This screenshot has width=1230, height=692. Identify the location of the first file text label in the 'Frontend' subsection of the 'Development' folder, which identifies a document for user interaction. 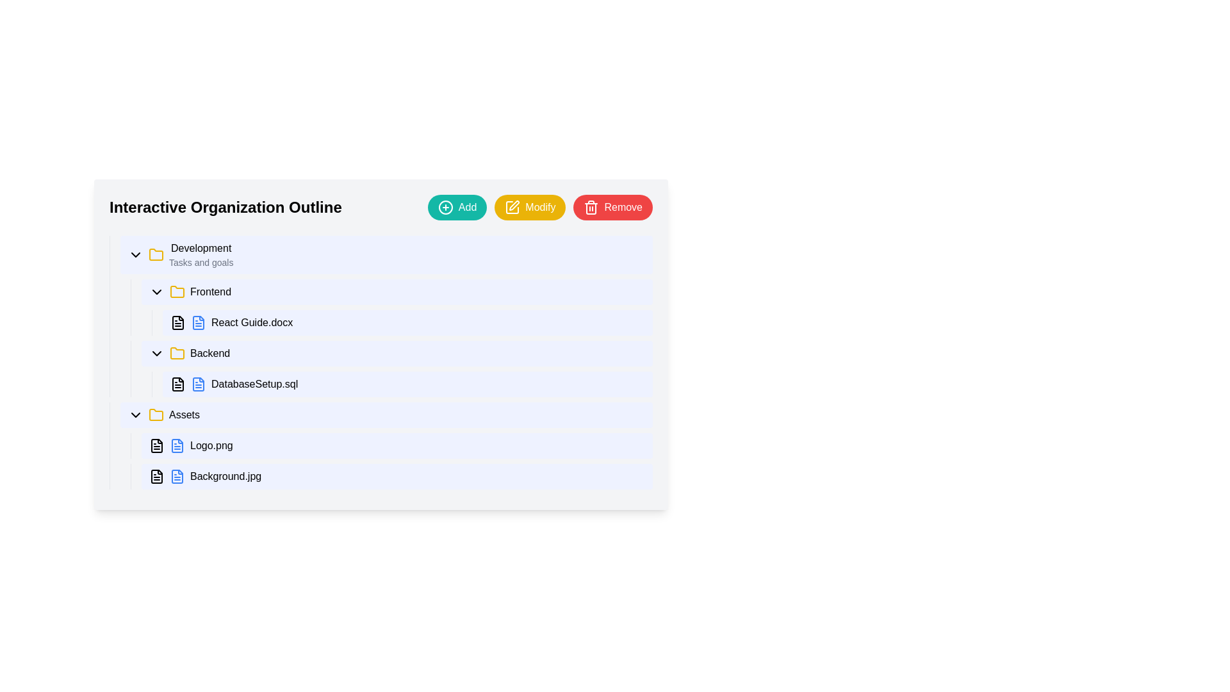
(252, 322).